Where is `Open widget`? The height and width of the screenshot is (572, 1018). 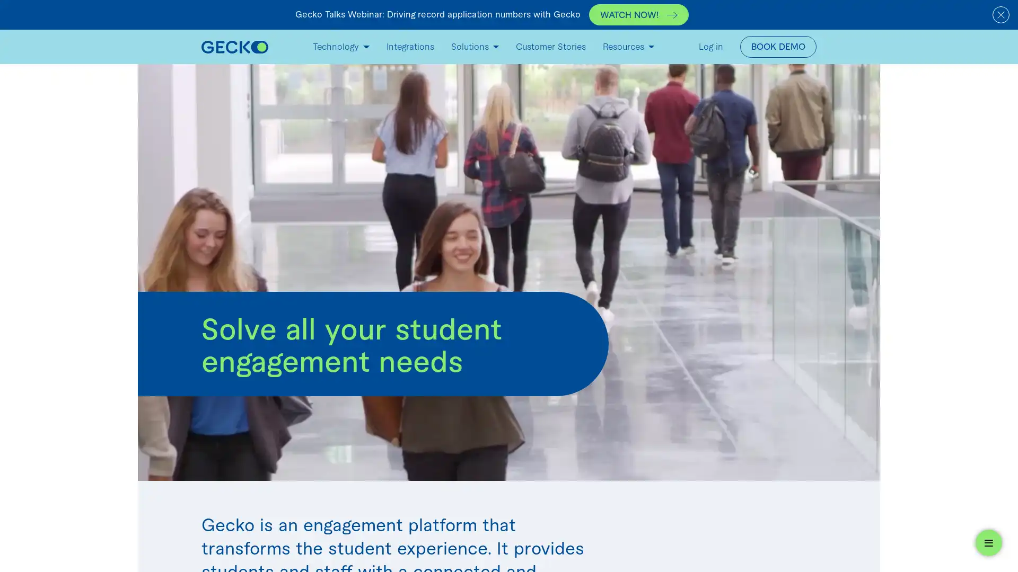 Open widget is located at coordinates (988, 543).